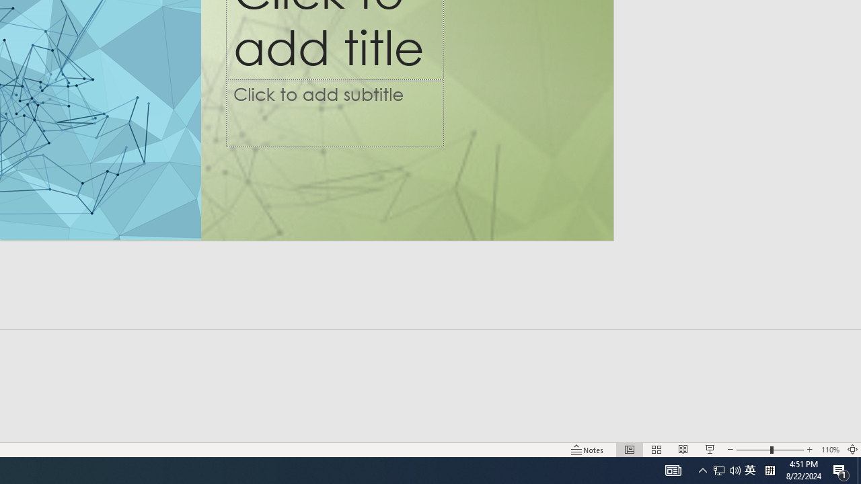  I want to click on 'Q2790: 100%', so click(735, 469).